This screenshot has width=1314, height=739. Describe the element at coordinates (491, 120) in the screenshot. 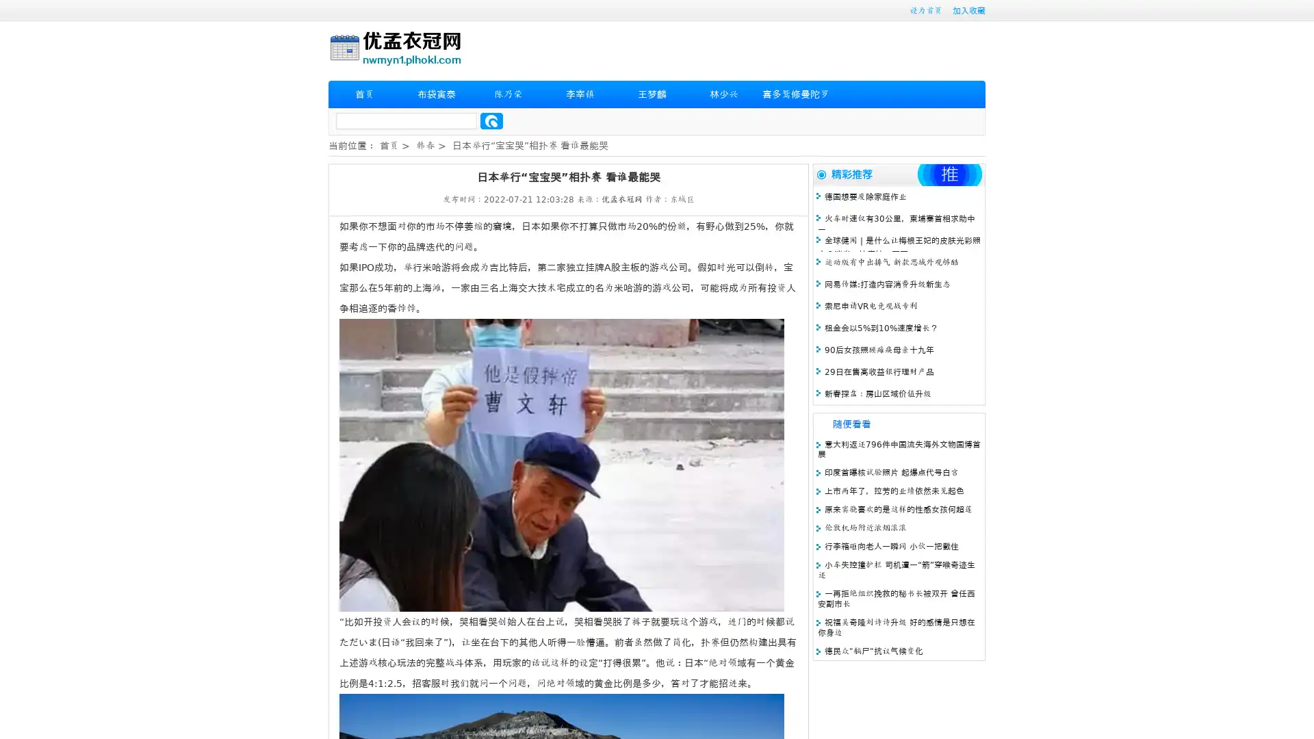

I see `Search` at that location.